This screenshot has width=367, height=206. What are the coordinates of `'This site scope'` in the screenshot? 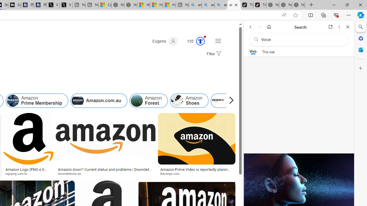 It's located at (268, 51).